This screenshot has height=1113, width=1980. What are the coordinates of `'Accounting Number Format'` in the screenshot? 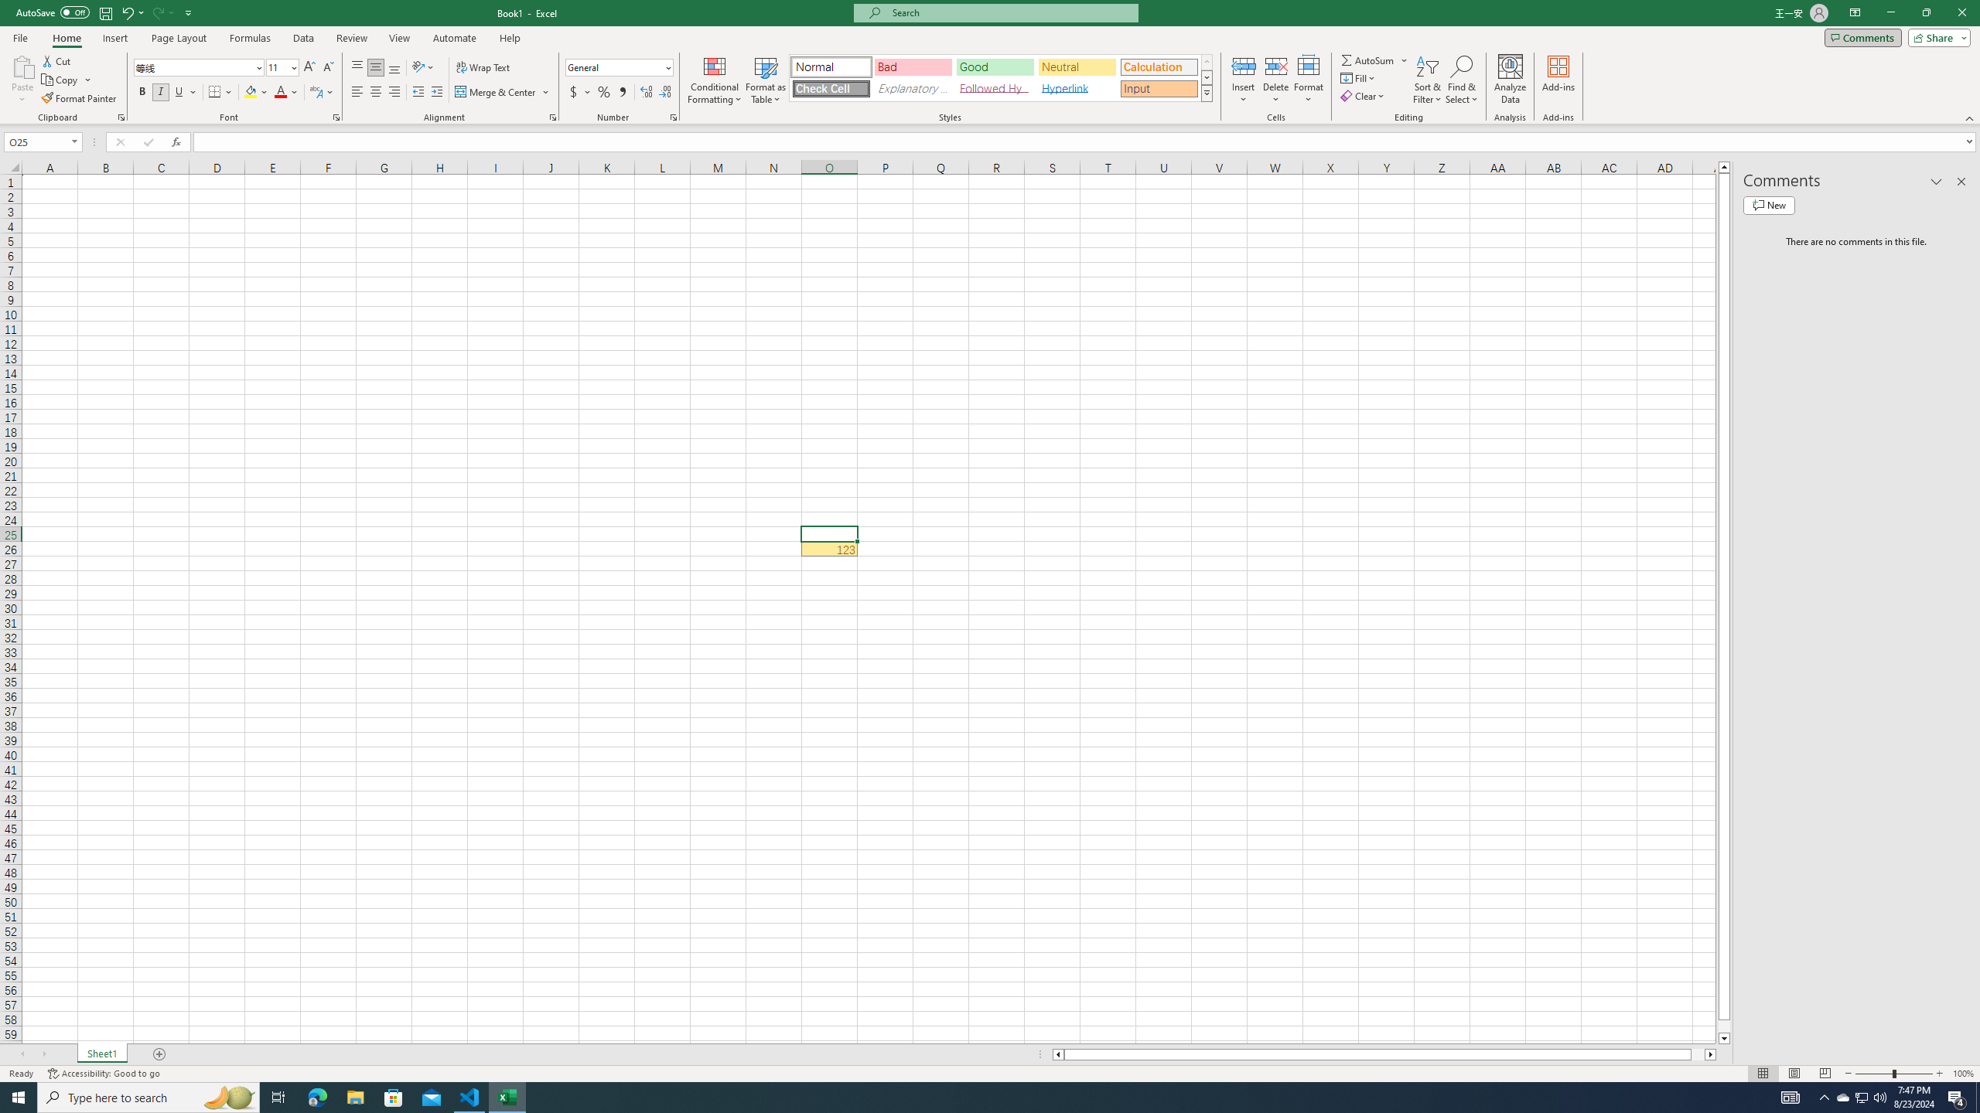 It's located at (573, 91).